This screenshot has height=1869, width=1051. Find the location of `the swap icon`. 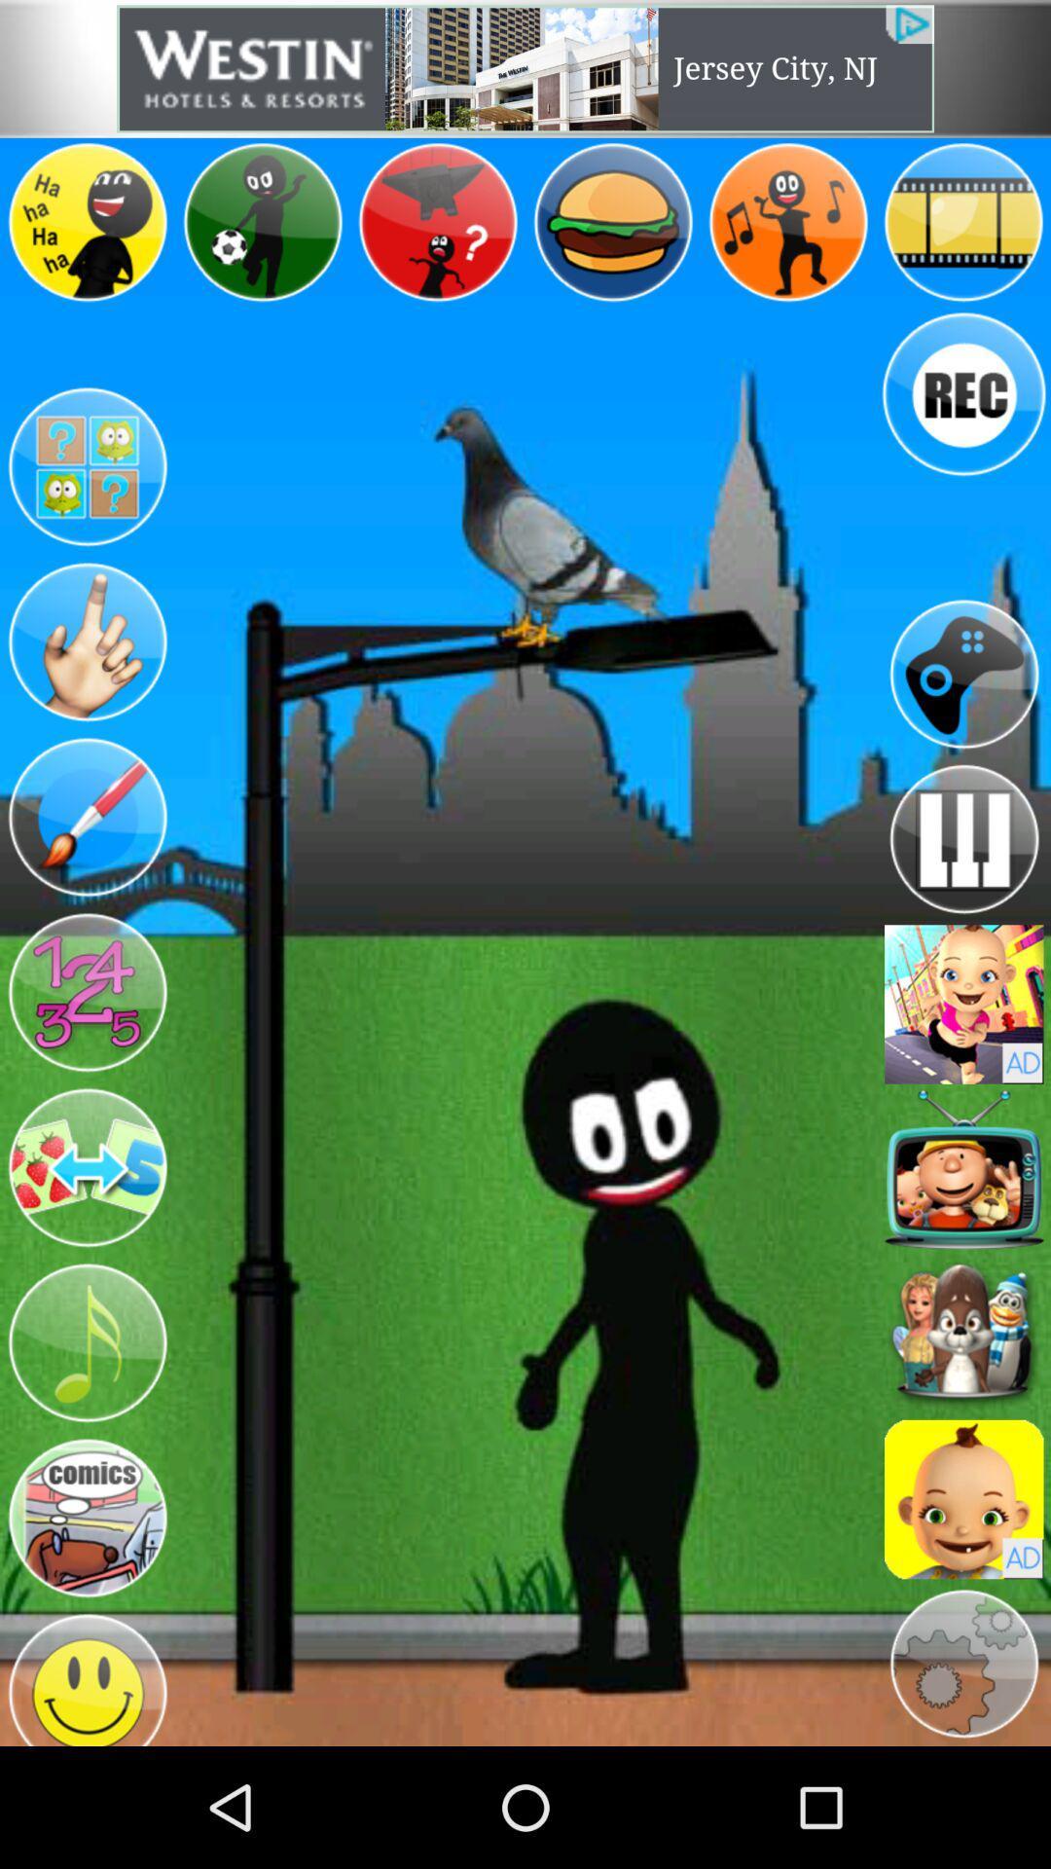

the swap icon is located at coordinates (86, 1250).